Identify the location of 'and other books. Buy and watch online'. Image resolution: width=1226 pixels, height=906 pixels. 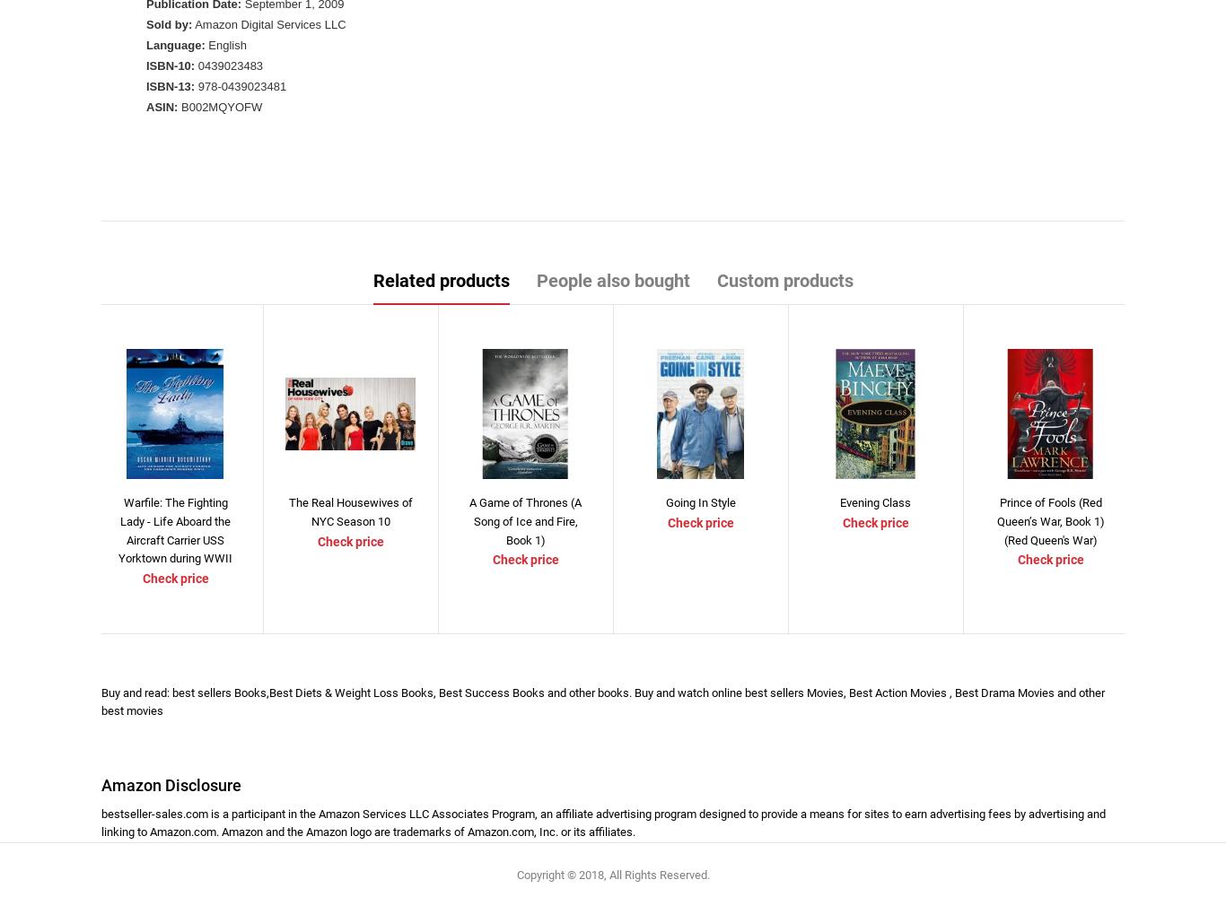
(646, 692).